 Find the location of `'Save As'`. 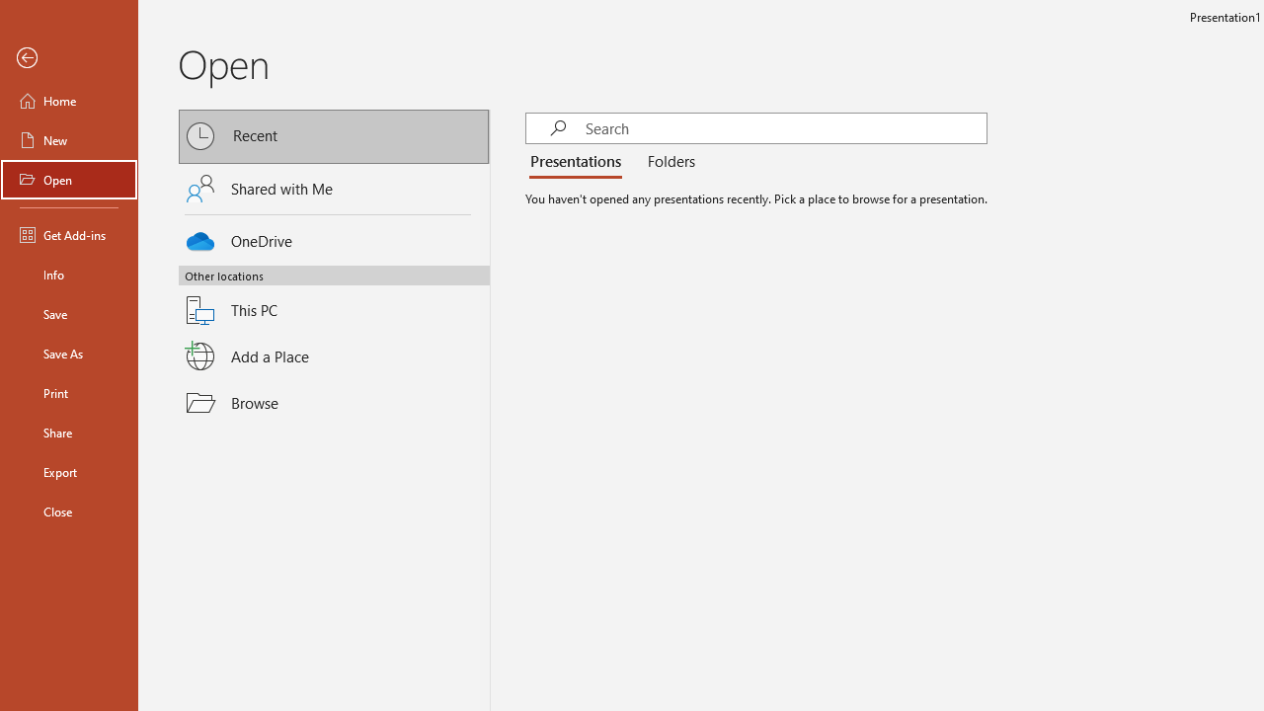

'Save As' is located at coordinates (68, 352).